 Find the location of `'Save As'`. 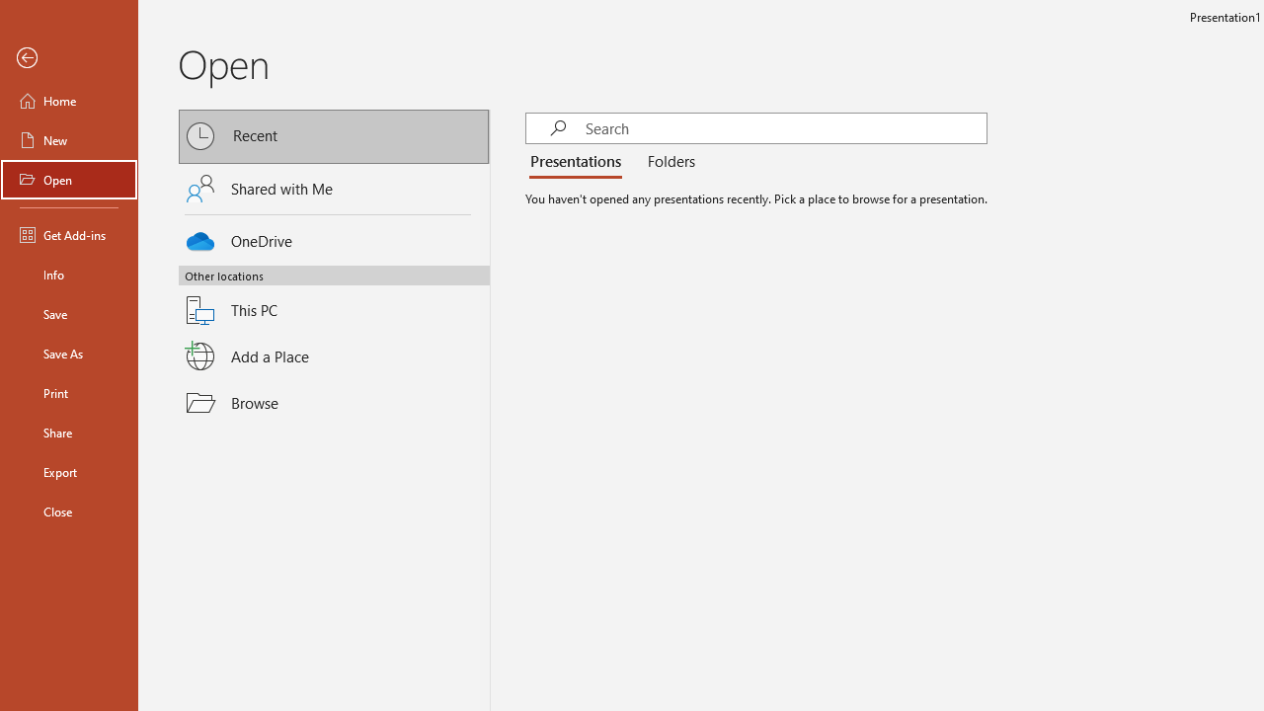

'Save As' is located at coordinates (68, 352).